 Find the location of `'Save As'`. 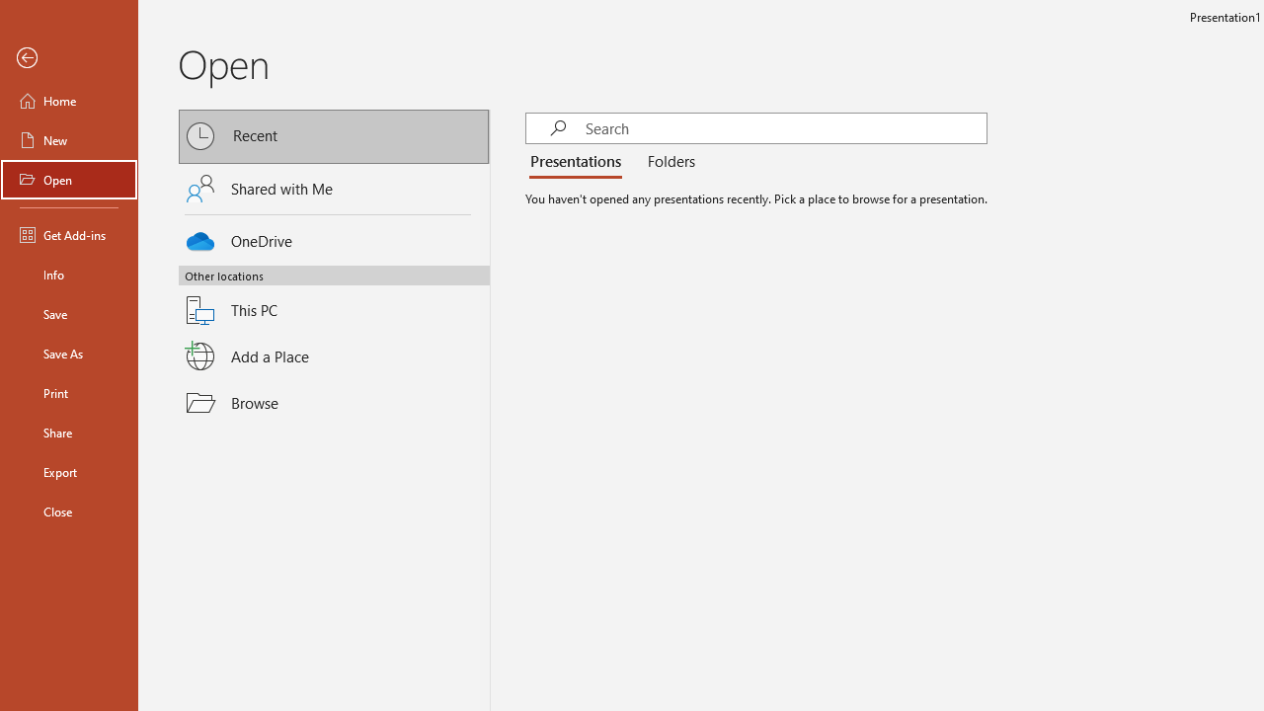

'Save As' is located at coordinates (68, 352).